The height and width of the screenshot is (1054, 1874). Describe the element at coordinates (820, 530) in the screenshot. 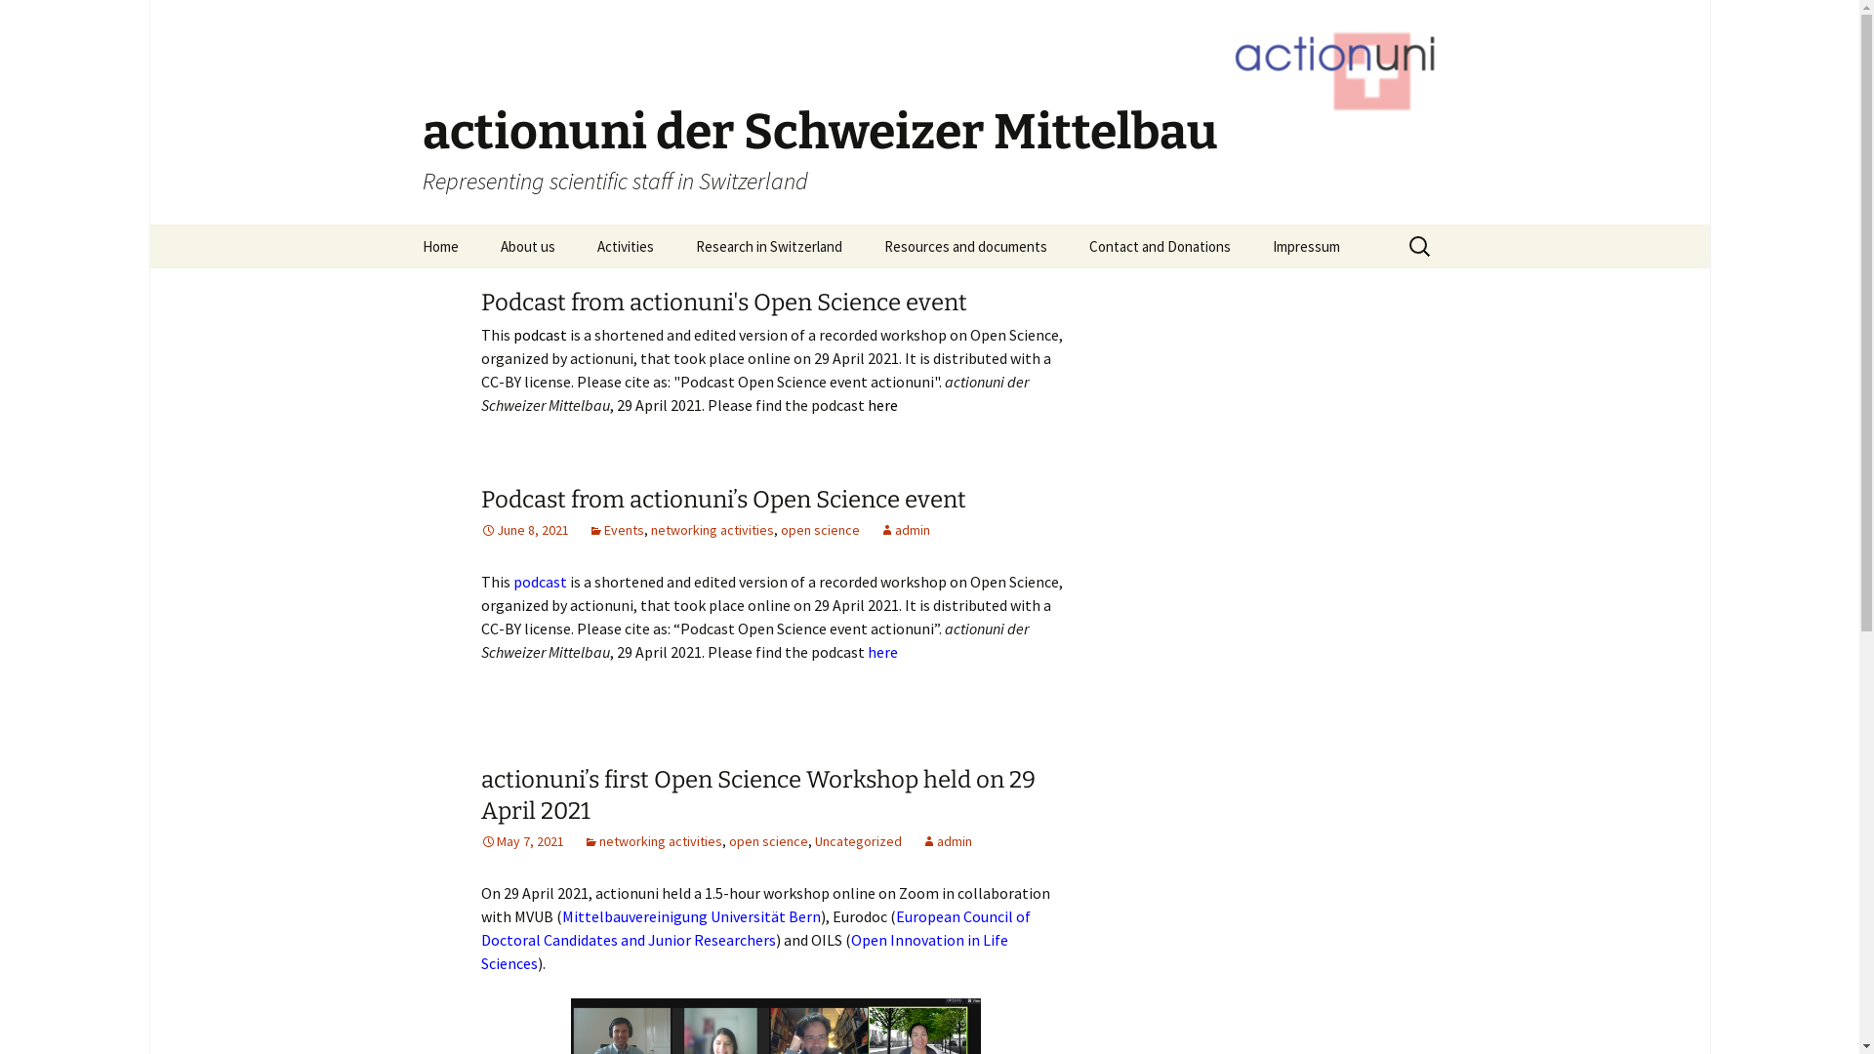

I see `'open science'` at that location.